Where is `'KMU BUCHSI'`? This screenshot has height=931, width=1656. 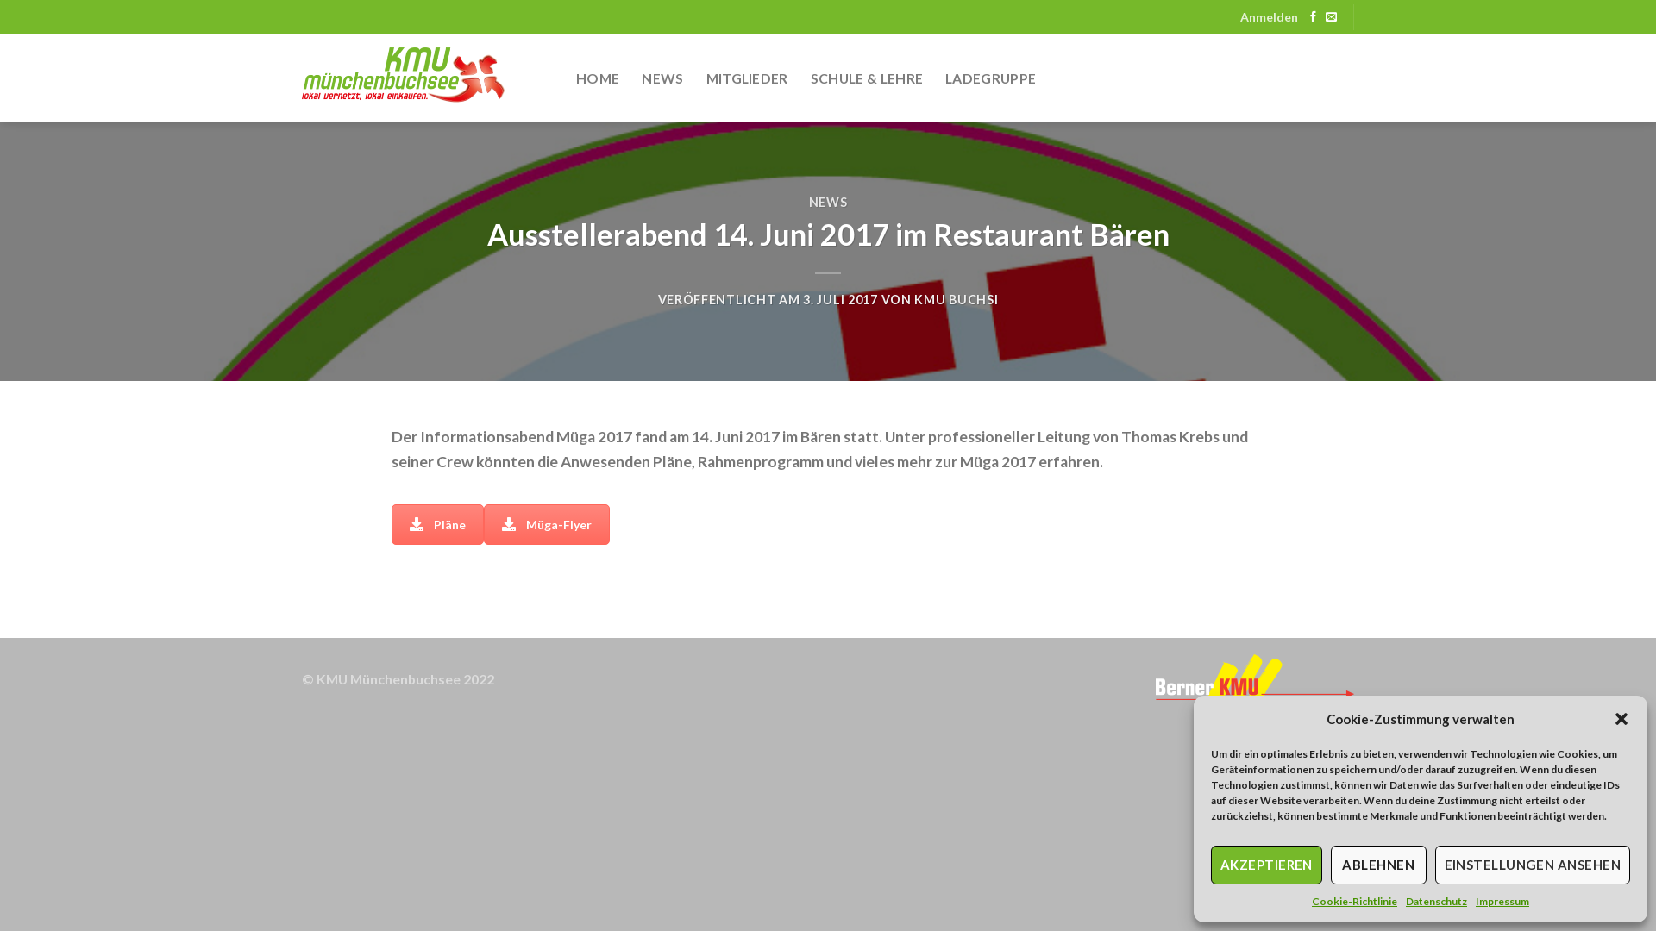
'KMU BUCHSI' is located at coordinates (955, 298).